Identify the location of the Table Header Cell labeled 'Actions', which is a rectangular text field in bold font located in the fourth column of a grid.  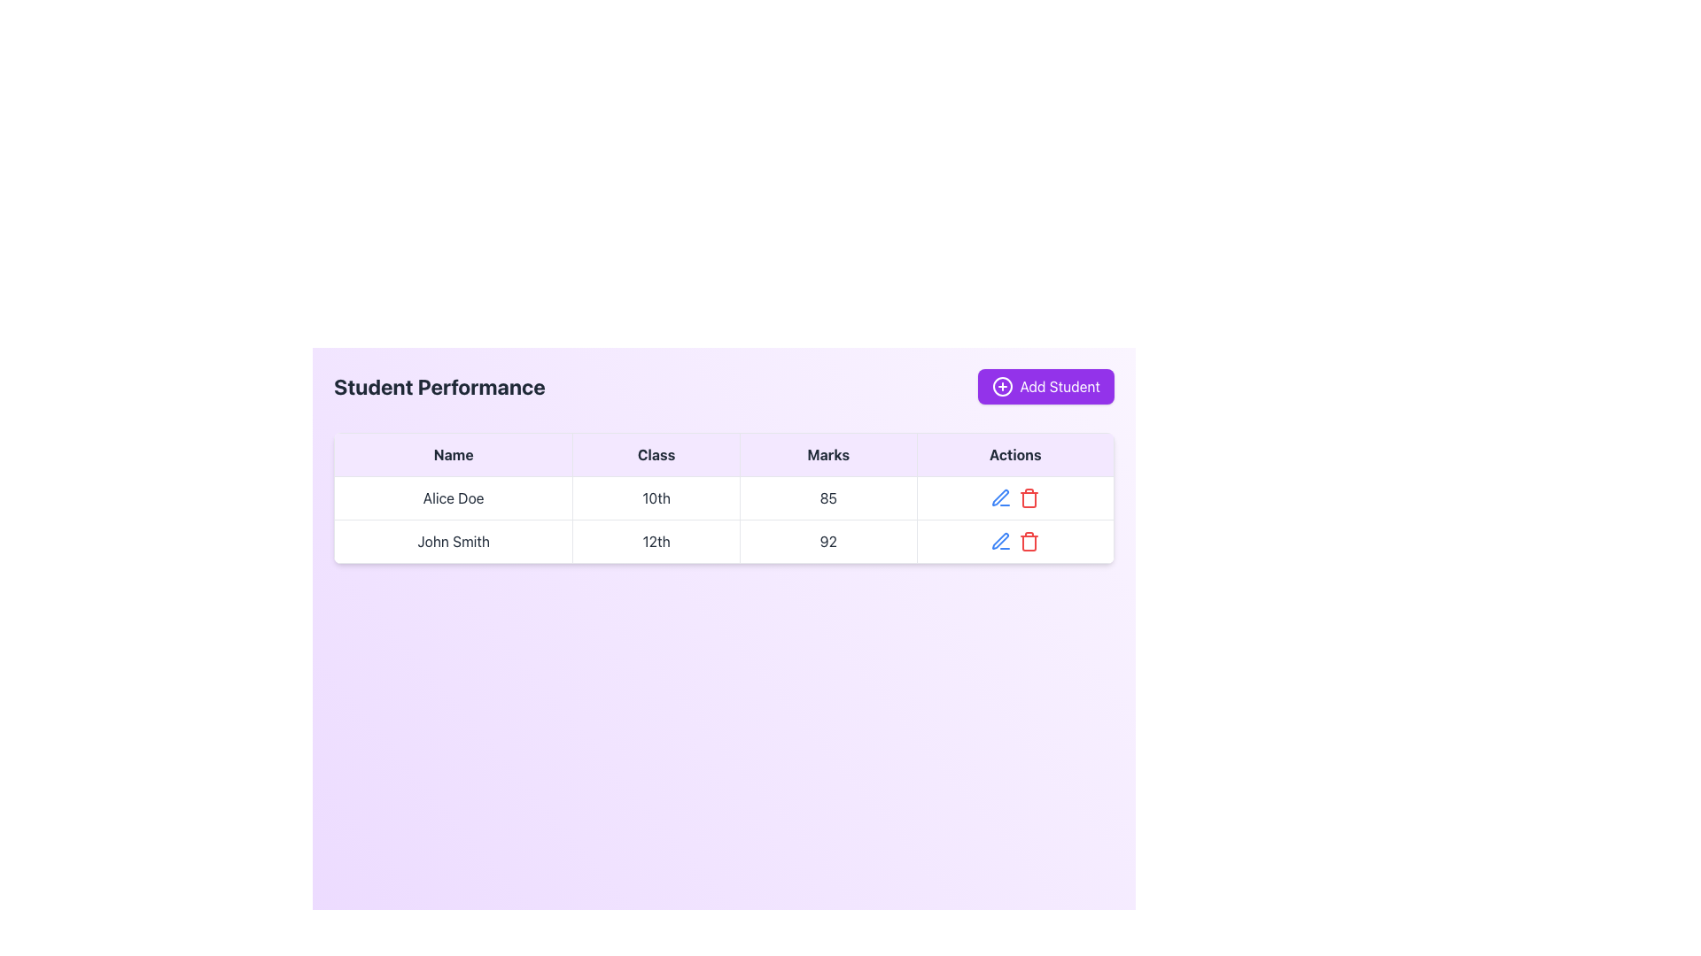
(1015, 453).